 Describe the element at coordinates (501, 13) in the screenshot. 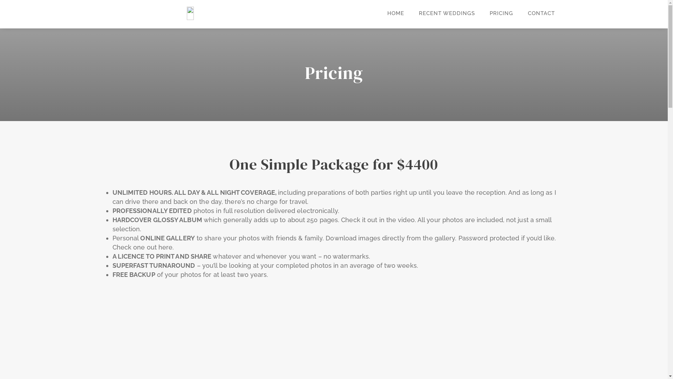

I see `'PRICING'` at that location.